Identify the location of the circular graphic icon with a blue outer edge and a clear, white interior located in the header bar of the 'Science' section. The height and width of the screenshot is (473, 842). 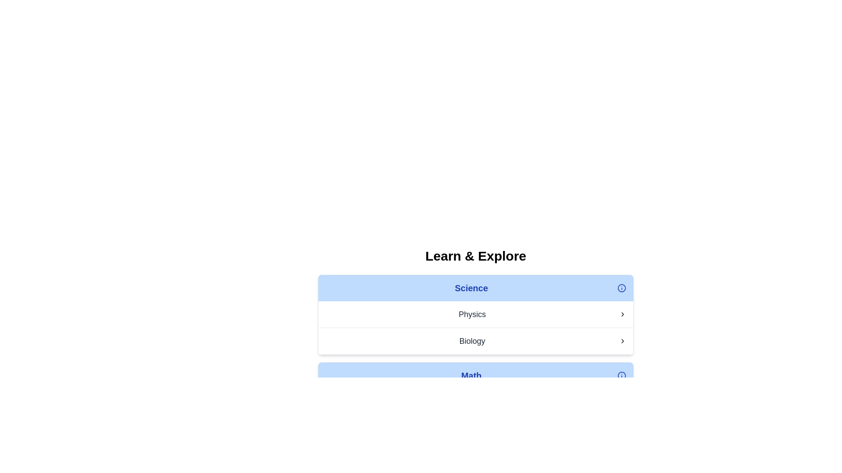
(621, 288).